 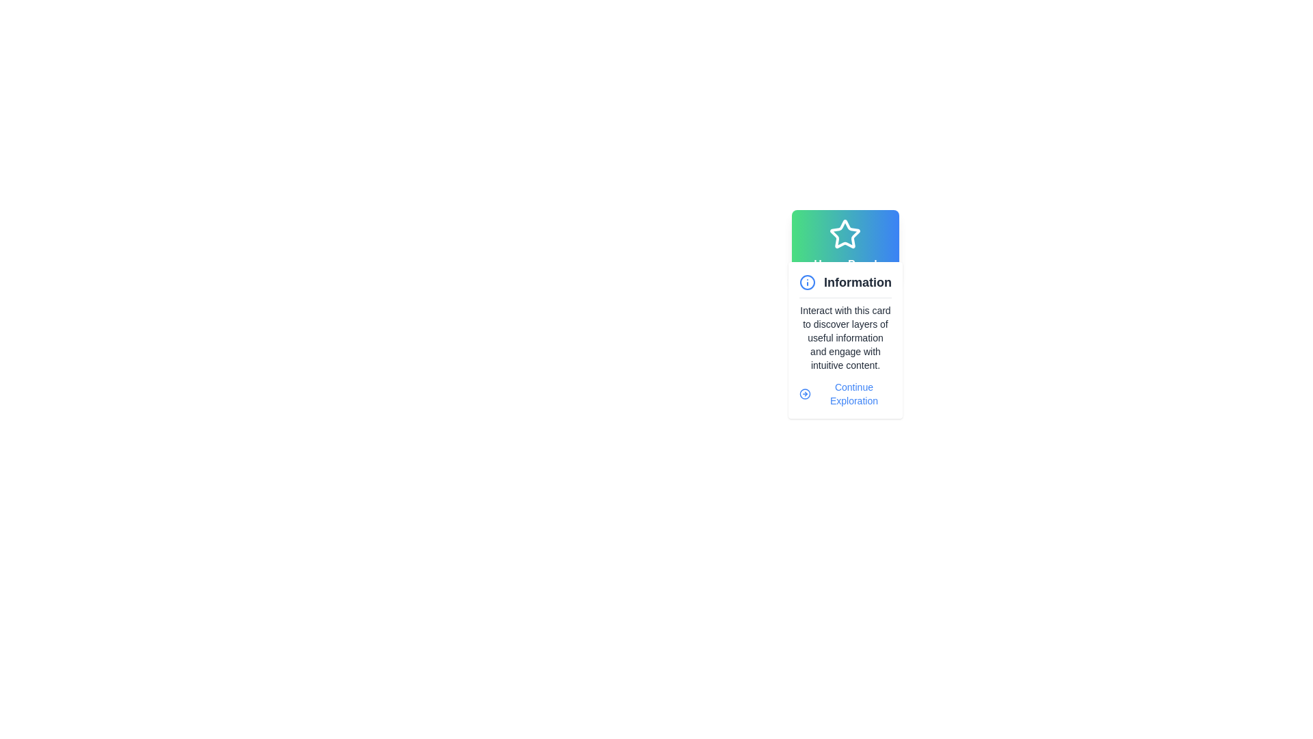 What do you see at coordinates (845, 337) in the screenshot?
I see `informational text block situated below the section title 'Information' and above the interactive link 'Continue Exploration' in the card, which is centrally aligned horizontally and slightly to the center vertically` at bounding box center [845, 337].